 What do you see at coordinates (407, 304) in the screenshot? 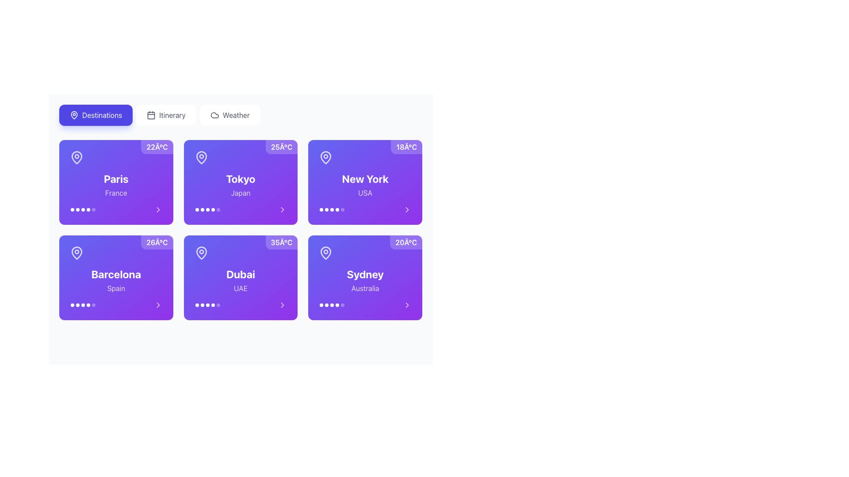
I see `the navigation button (SVG-based icon) located in the bottom right corner of the 'Sydney' card to proceed to the next section or details` at bounding box center [407, 304].